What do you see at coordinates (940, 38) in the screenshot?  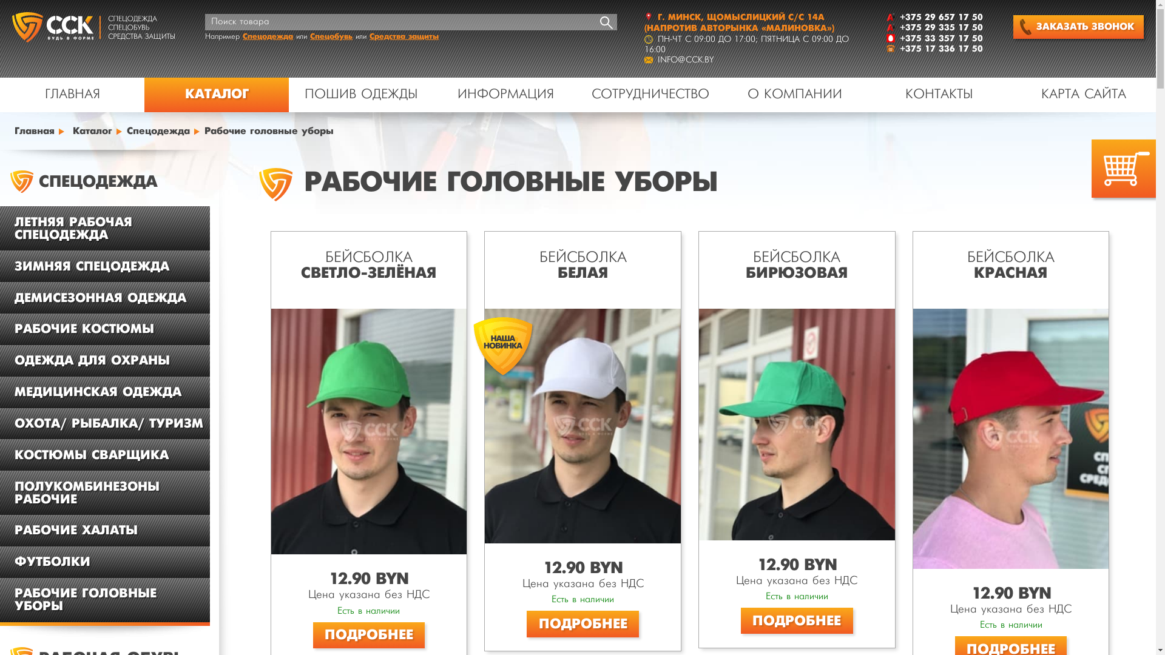 I see `'+375 33 357 17 50'` at bounding box center [940, 38].